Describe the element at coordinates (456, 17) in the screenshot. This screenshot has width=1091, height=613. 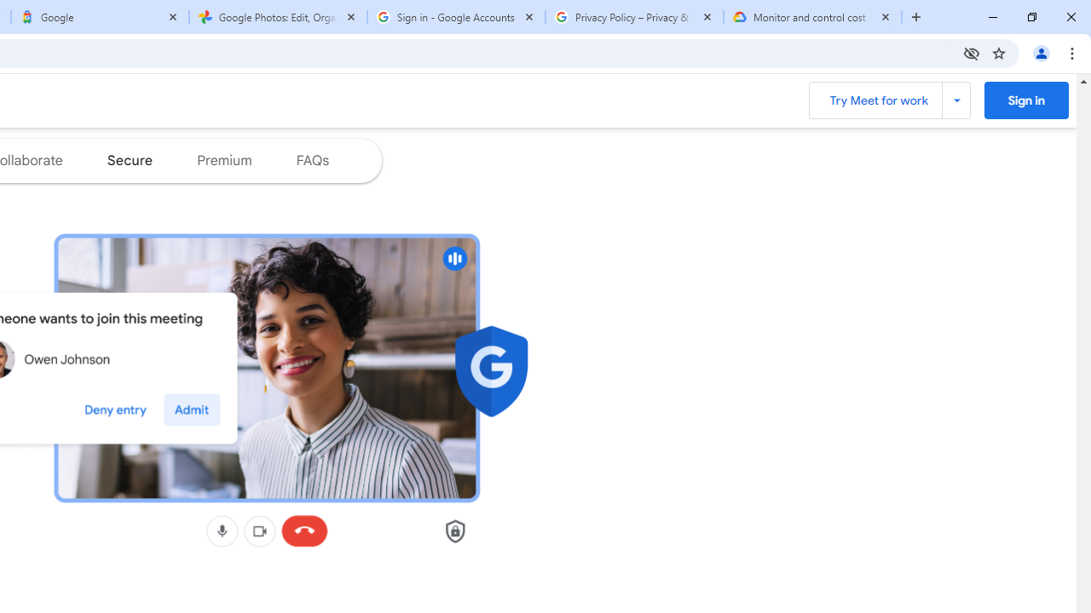
I see `'Sign in - Google Accounts'` at that location.